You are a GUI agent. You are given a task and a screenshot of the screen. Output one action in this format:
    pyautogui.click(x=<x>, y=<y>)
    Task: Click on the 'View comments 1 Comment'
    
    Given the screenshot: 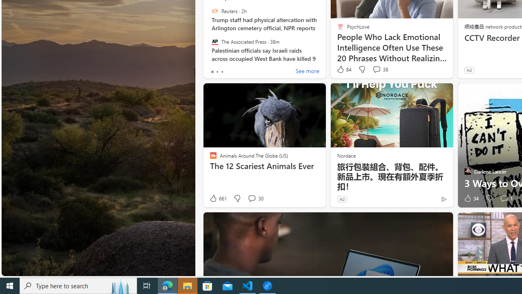 What is the action you would take?
    pyautogui.click(x=503, y=198)
    